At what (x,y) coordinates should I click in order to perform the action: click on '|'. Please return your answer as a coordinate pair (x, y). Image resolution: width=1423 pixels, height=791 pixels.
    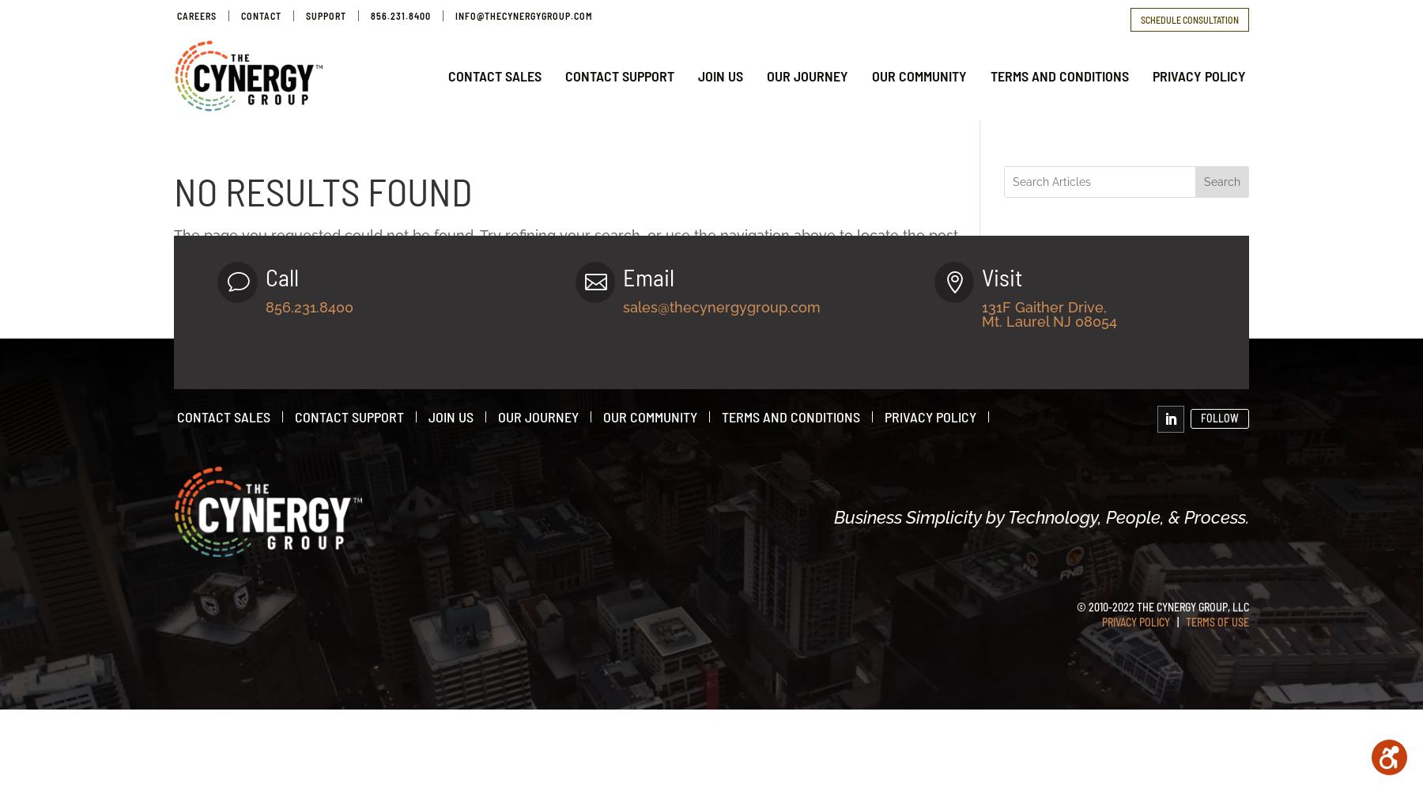
    Looking at the image, I should click on (1169, 622).